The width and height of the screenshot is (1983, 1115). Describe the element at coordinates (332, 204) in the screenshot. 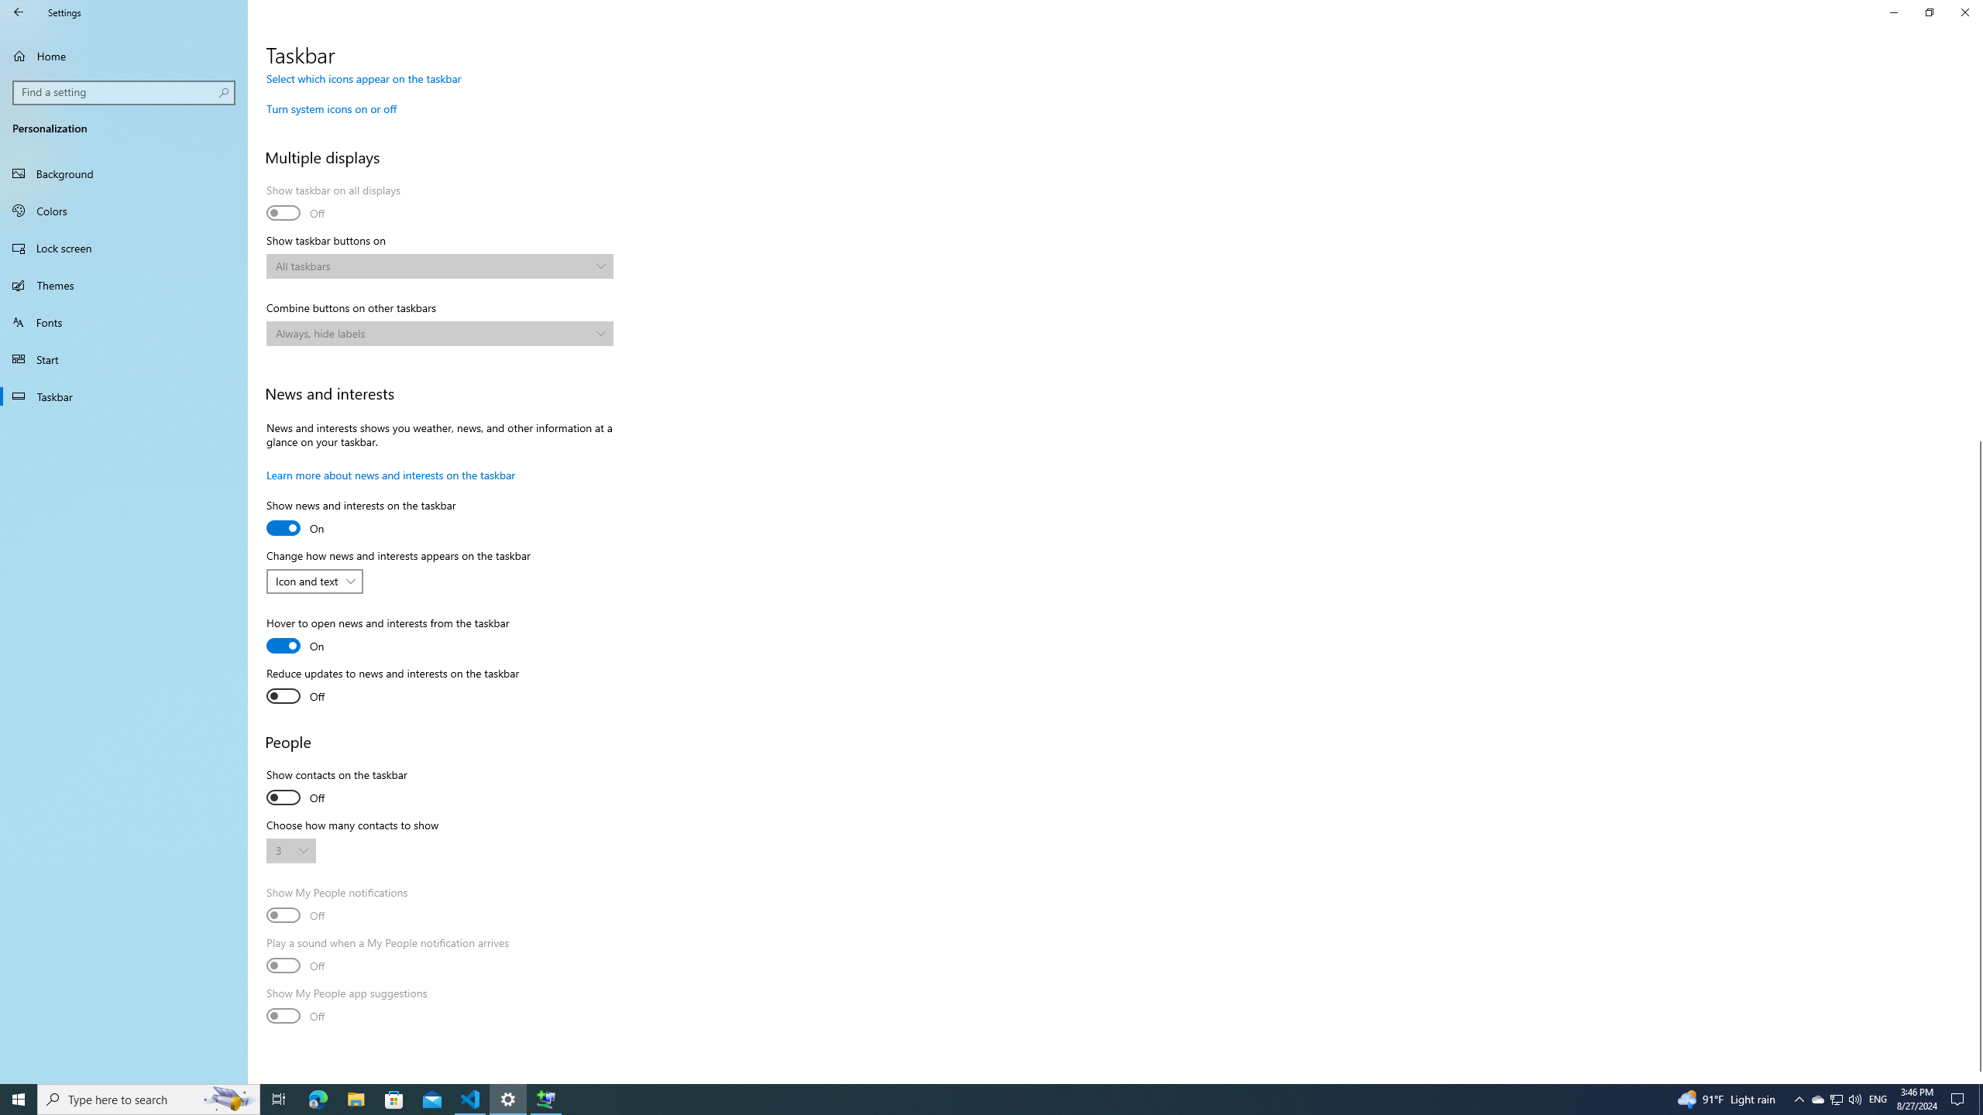

I see `'Show taskbar on all displays'` at that location.